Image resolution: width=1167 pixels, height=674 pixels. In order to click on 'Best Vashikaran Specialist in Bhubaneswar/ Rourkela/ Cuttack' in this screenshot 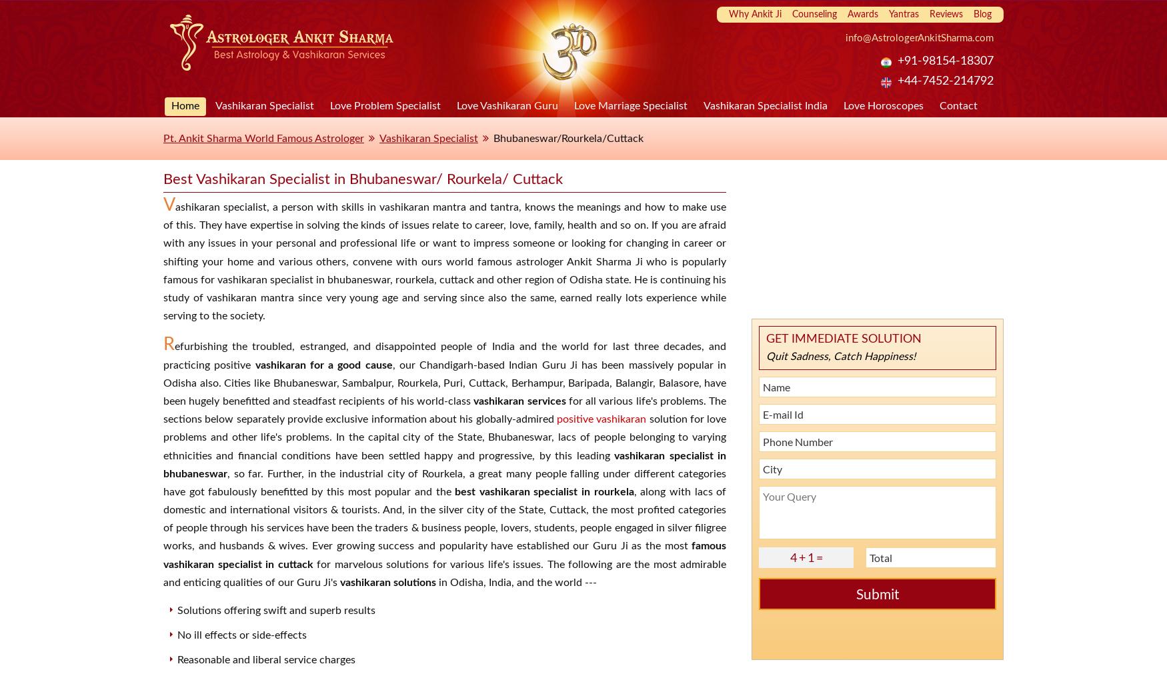, I will do `click(362, 179)`.